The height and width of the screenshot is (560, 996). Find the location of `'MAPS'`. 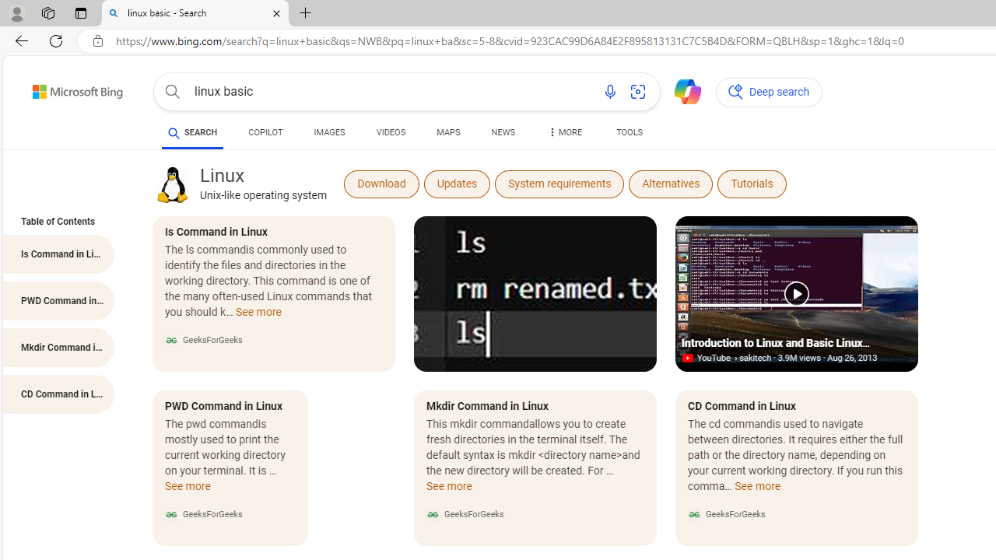

'MAPS' is located at coordinates (447, 132).